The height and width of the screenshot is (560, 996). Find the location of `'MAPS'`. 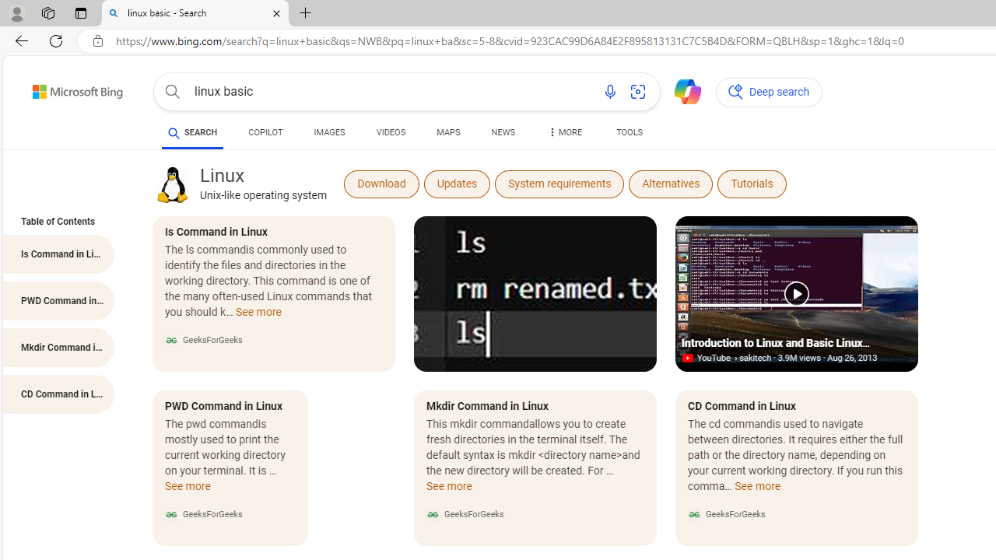

'MAPS' is located at coordinates (447, 132).